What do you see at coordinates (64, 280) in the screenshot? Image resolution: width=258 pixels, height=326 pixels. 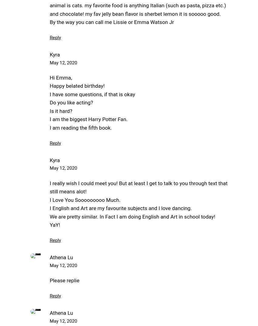 I see `'Please replie'` at bounding box center [64, 280].